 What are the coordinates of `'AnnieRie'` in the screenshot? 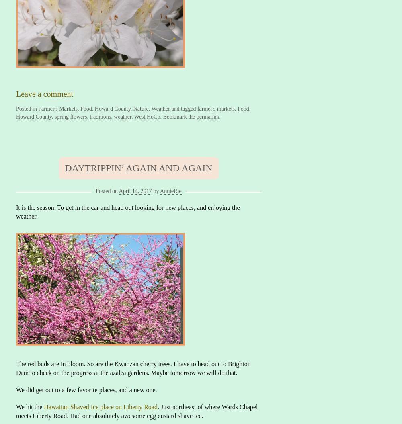 It's located at (170, 191).